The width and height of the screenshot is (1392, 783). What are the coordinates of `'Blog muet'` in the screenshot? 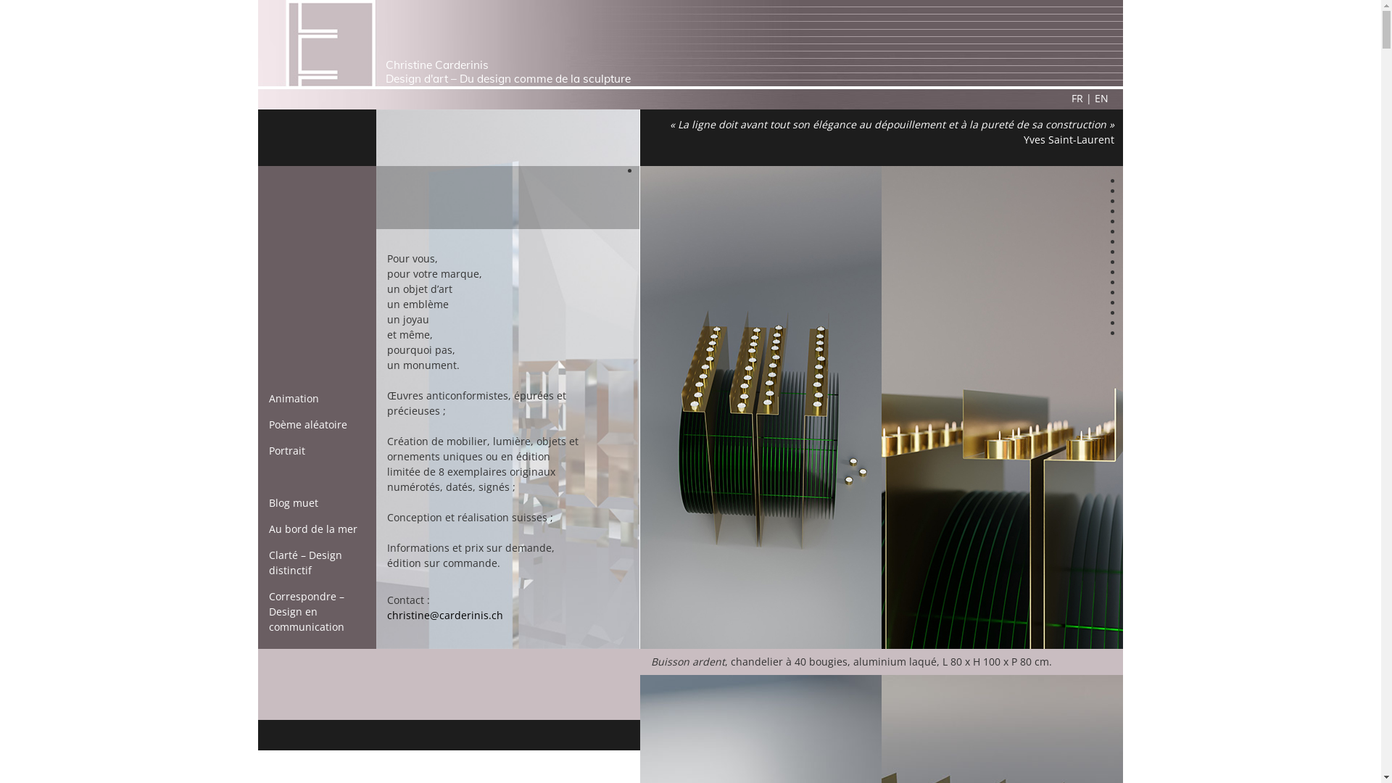 It's located at (292, 502).